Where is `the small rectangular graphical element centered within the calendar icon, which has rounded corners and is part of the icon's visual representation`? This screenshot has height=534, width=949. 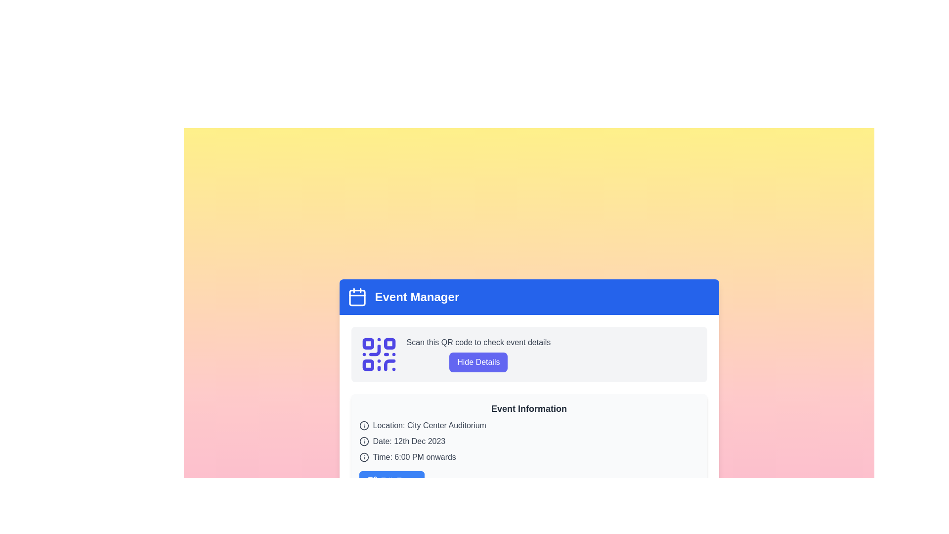
the small rectangular graphical element centered within the calendar icon, which has rounded corners and is part of the icon's visual representation is located at coordinates (356, 297).